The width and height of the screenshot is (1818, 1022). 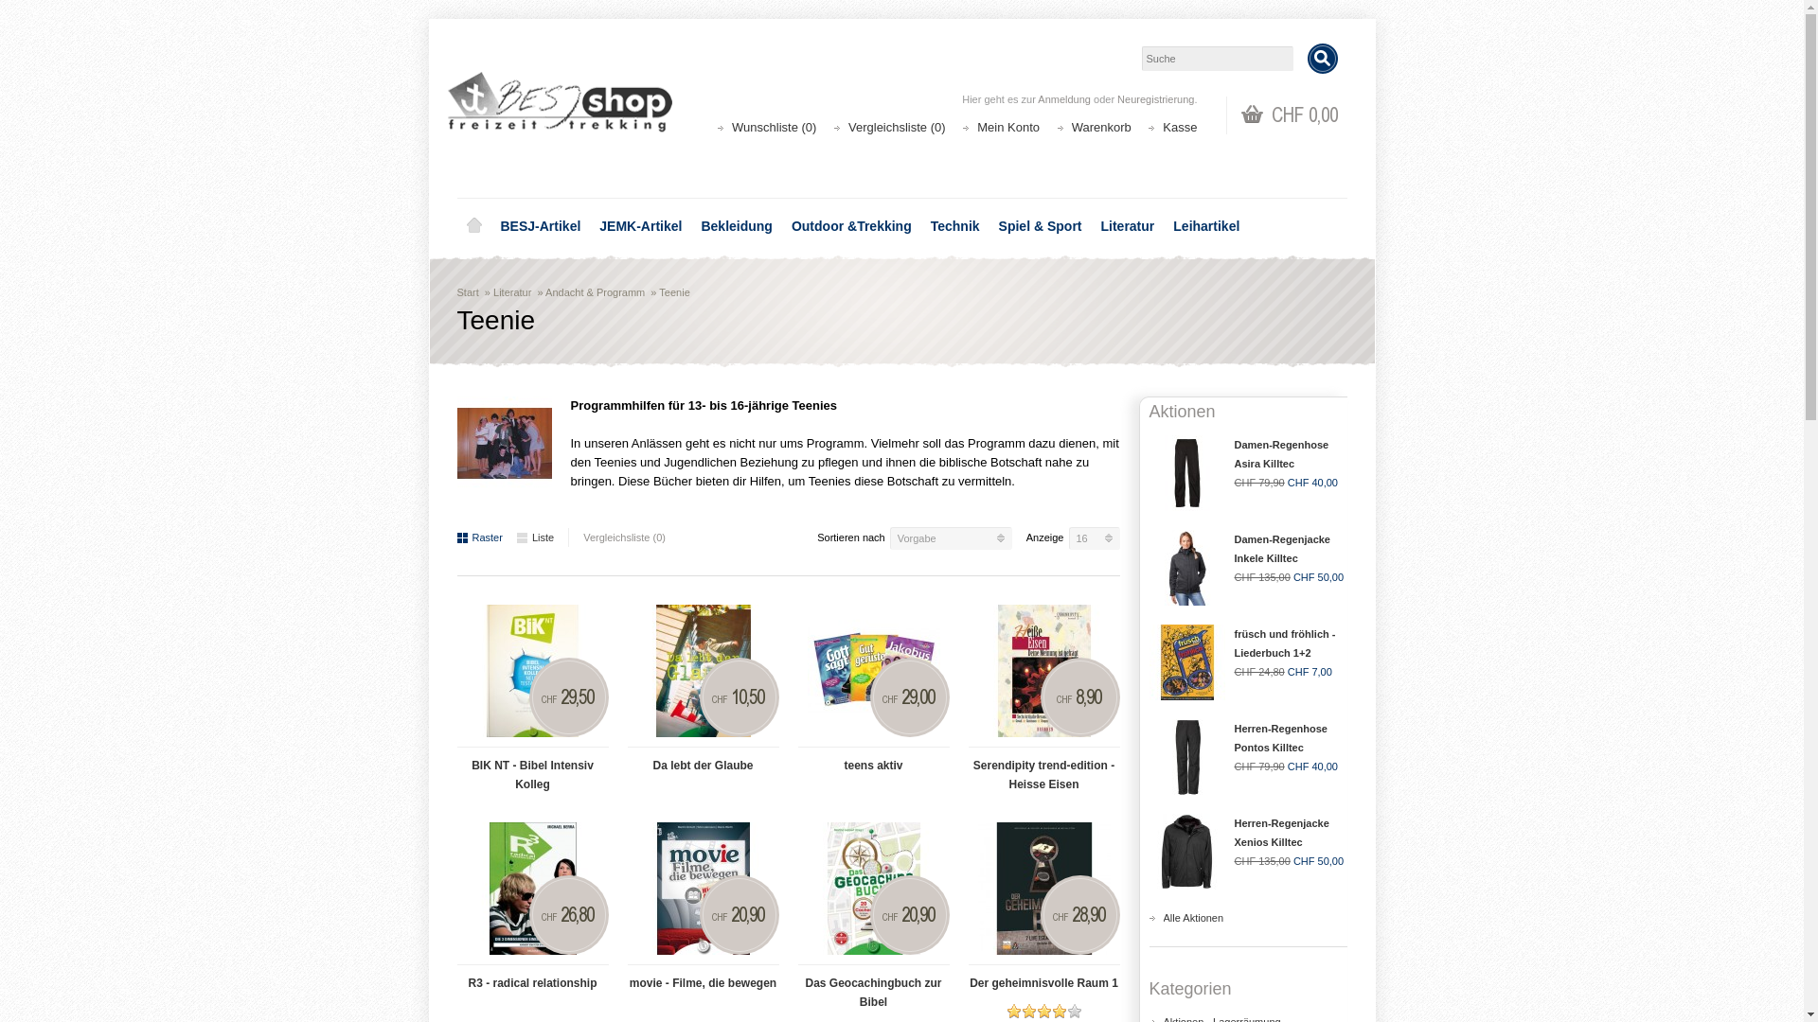 I want to click on 'Alle Aktionen', so click(x=1191, y=916).